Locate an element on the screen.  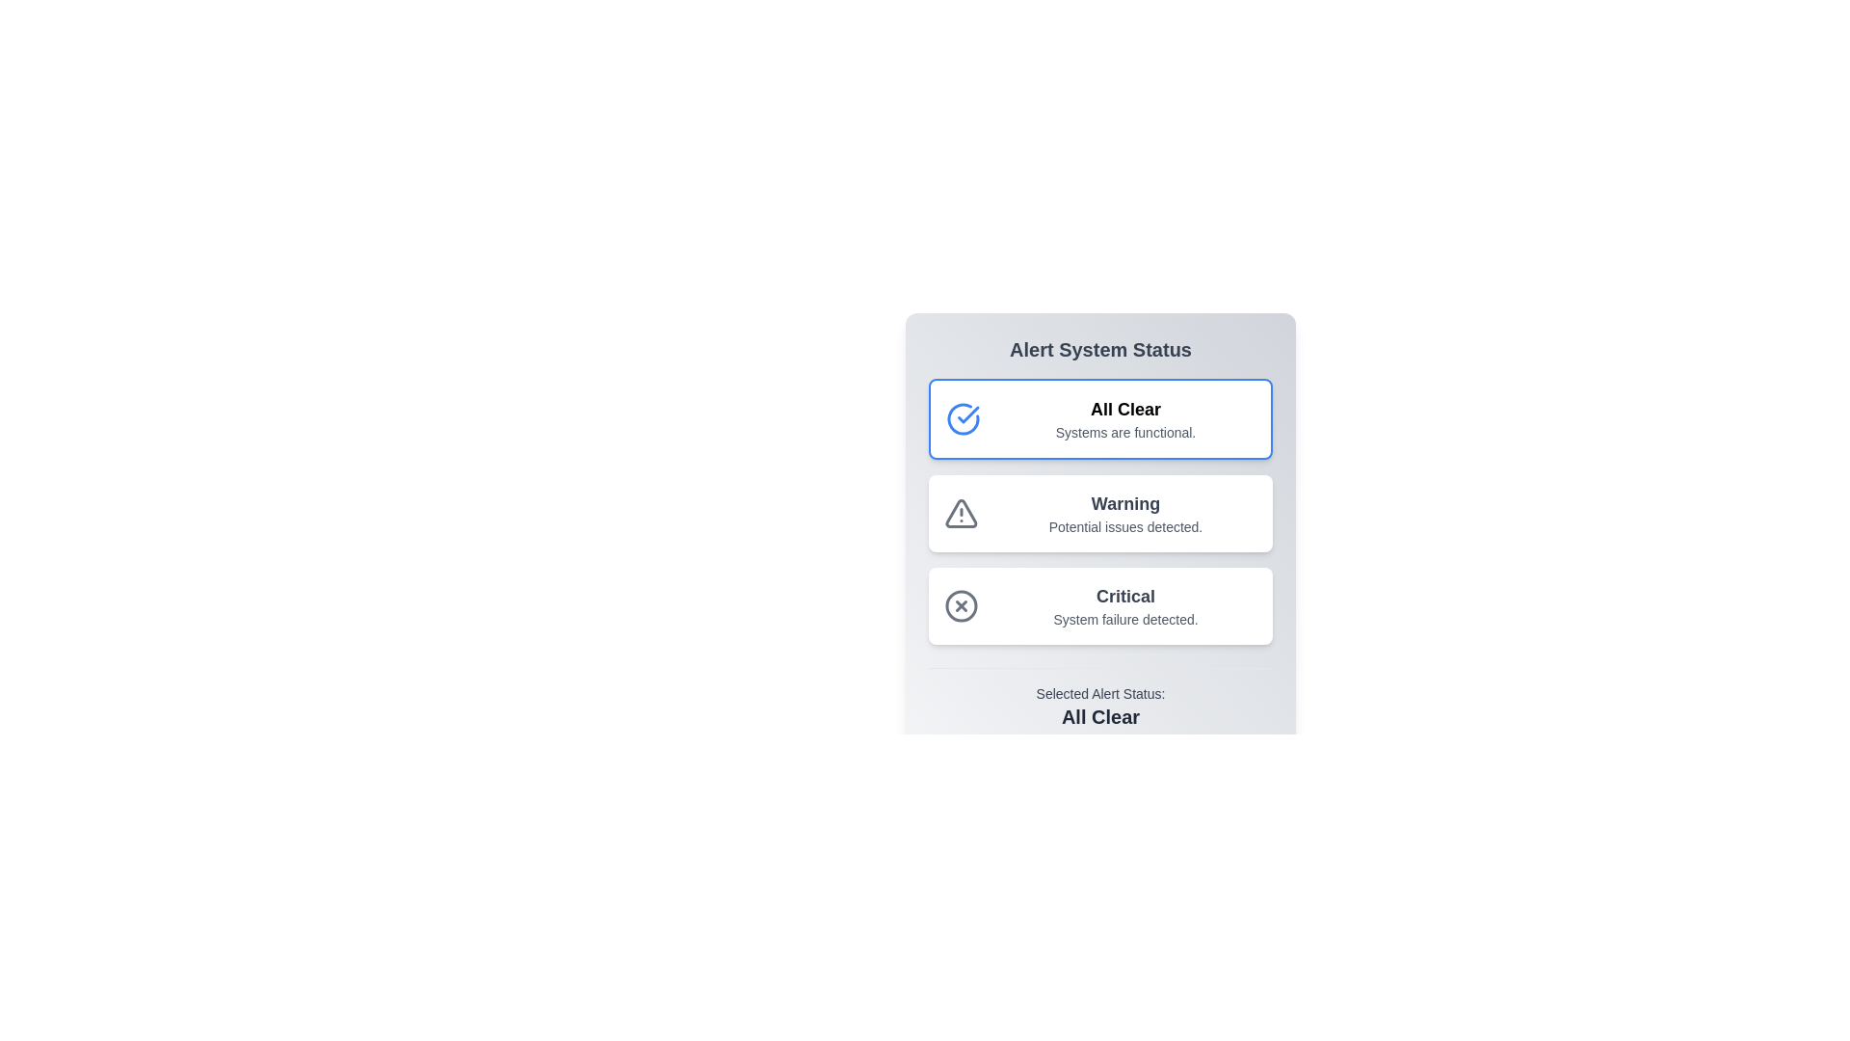
the second alert card labeled 'Alert System Status' to acknowledge or view more details about the potential issues in the system is located at coordinates (1100, 512).